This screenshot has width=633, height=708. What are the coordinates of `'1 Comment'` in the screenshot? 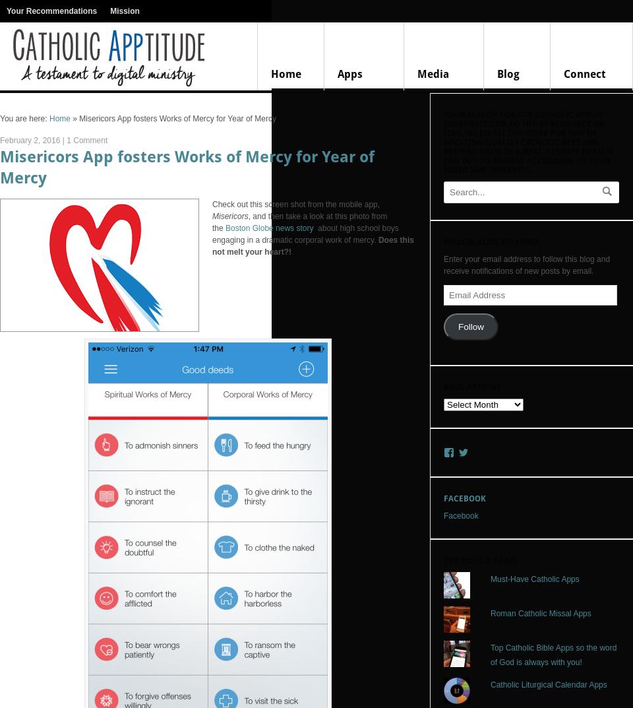 It's located at (86, 140).